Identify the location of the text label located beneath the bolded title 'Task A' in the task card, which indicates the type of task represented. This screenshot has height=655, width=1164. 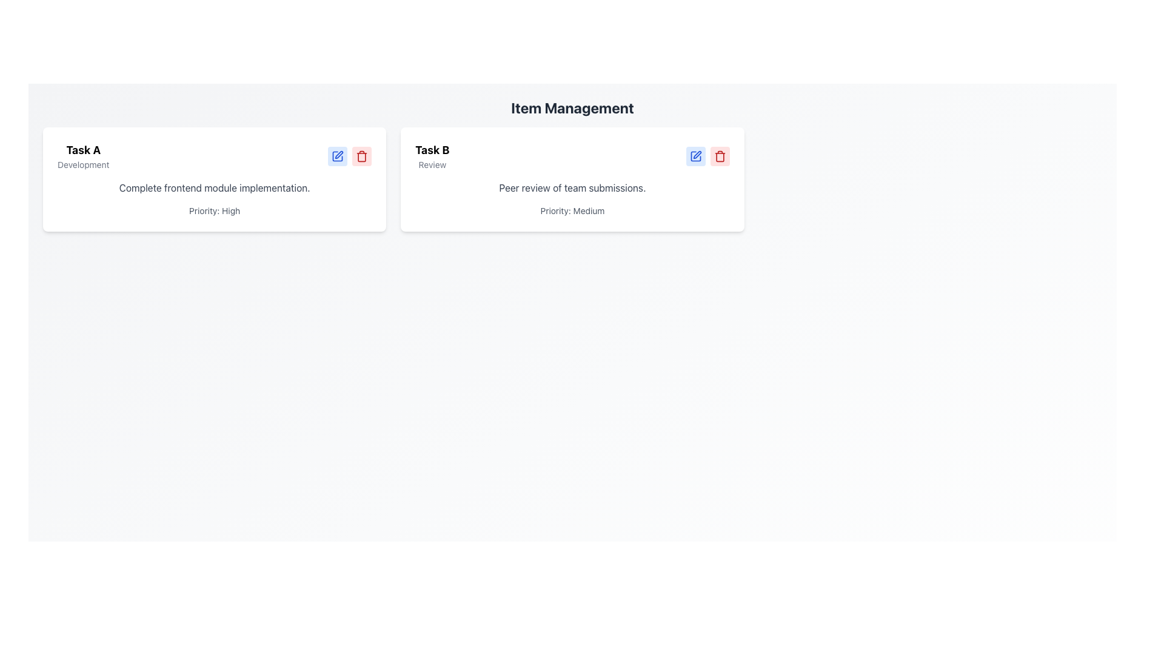
(82, 165).